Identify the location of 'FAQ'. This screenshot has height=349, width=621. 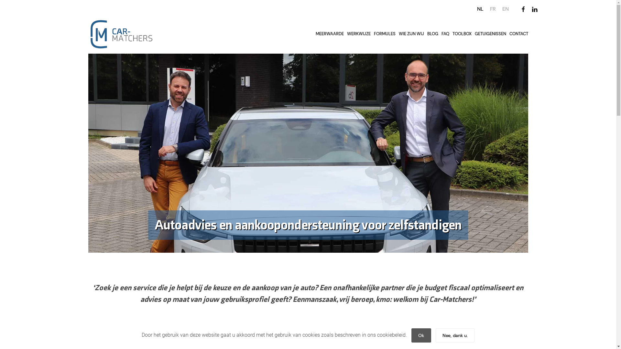
(445, 34).